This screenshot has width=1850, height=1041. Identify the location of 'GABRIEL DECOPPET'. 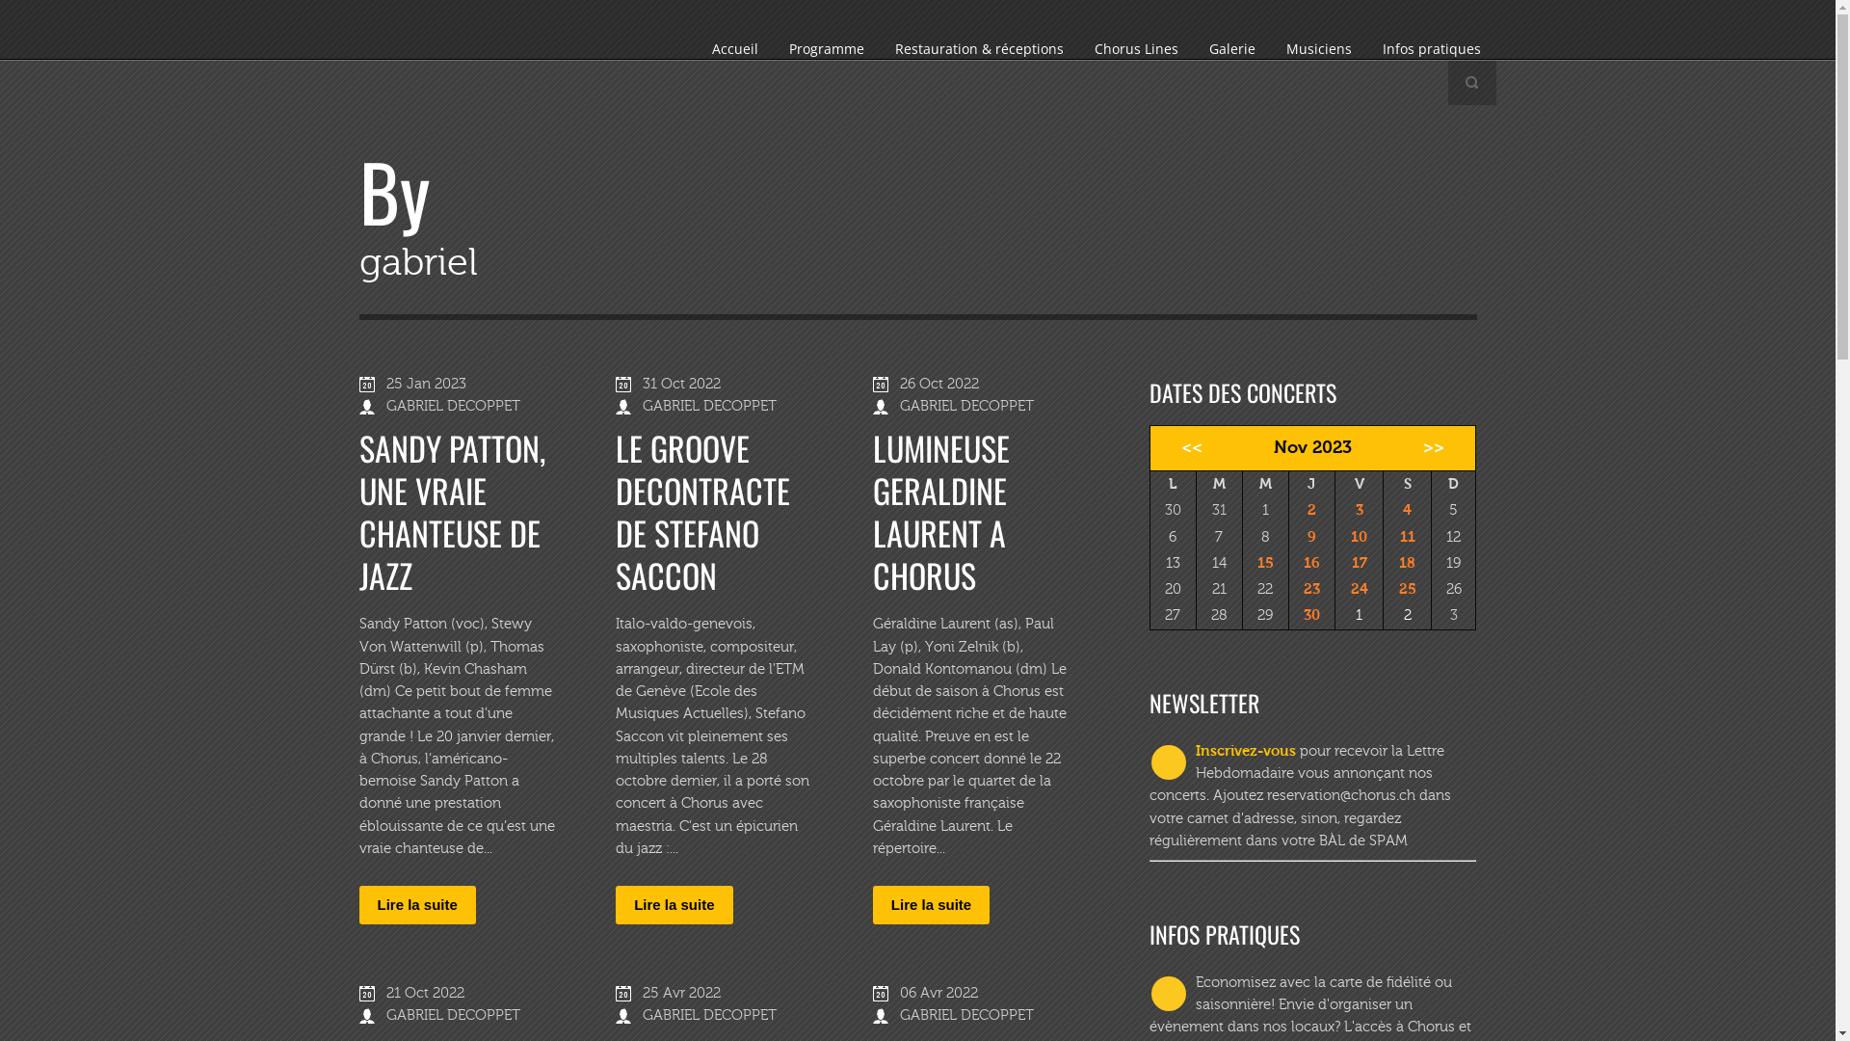
(384, 1014).